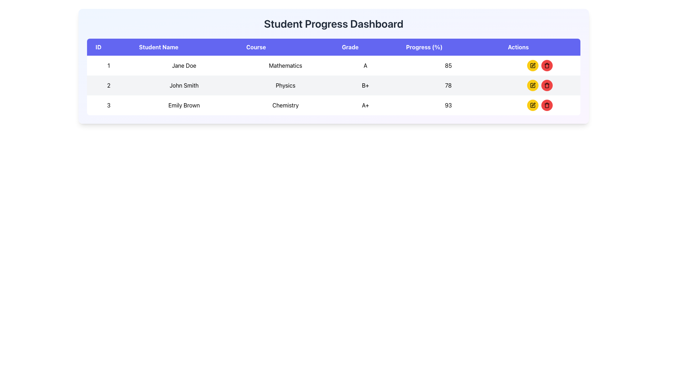 The image size is (682, 383). Describe the element at coordinates (184, 105) in the screenshot. I see `the text label displaying the name 'Emily Brown' in the second column of the third row in the 'Student Progress Dashboard'` at that location.